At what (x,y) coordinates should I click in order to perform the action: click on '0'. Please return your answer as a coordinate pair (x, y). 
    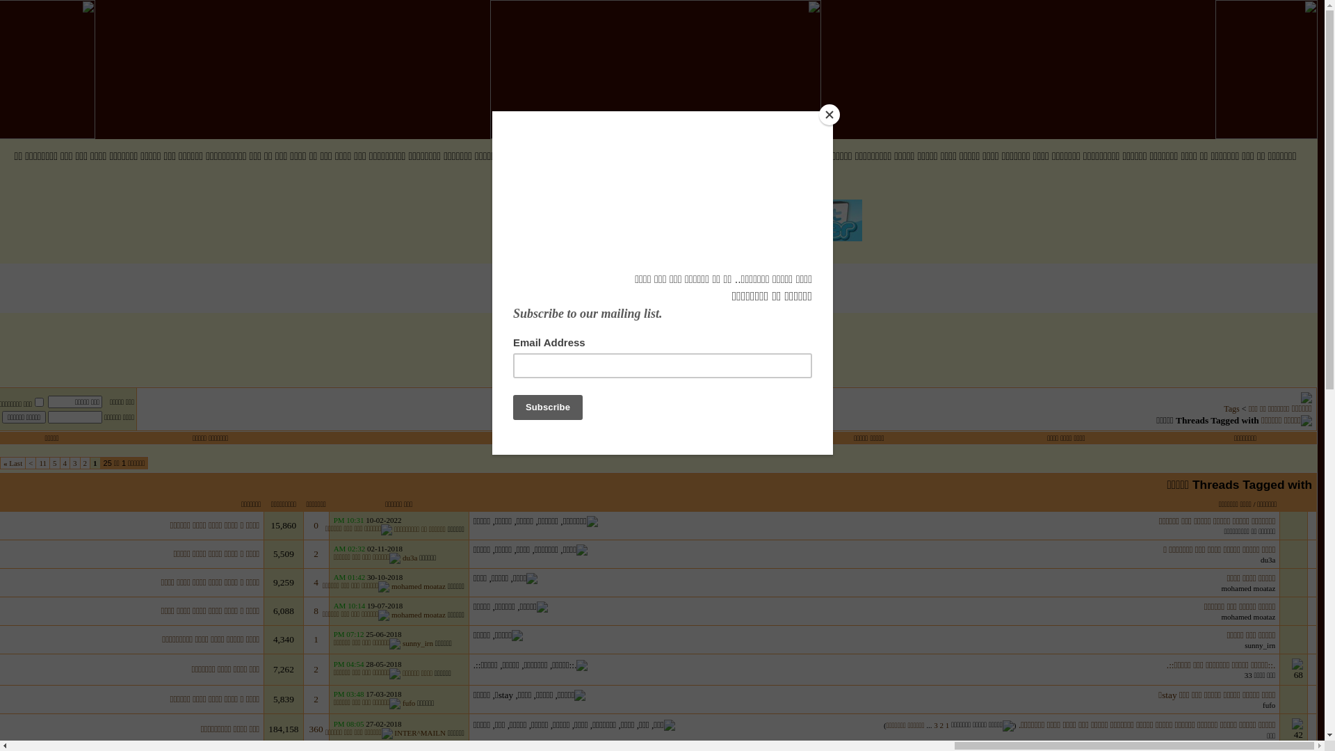
    Looking at the image, I should click on (313, 525).